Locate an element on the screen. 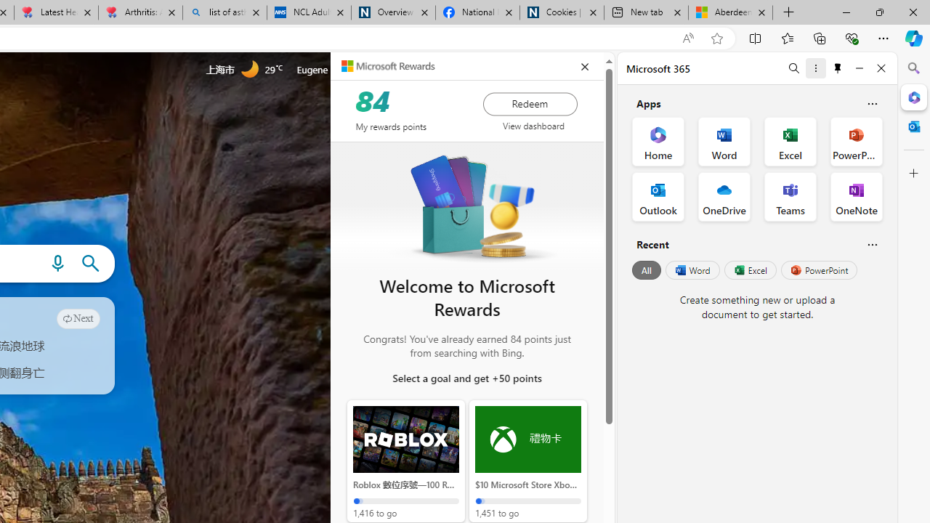 The height and width of the screenshot is (523, 930). 'Word Office App' is located at coordinates (724, 142).